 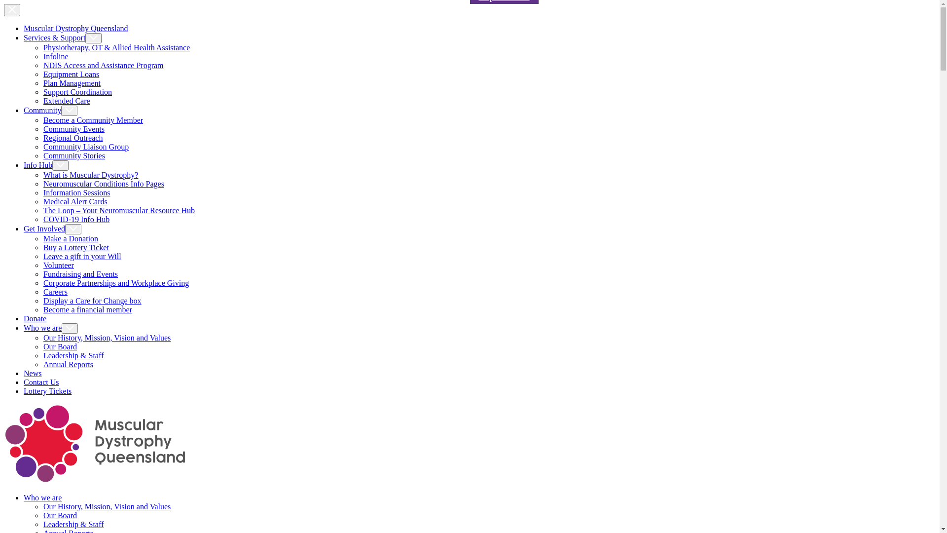 What do you see at coordinates (73, 524) in the screenshot?
I see `'Leadership & Staff'` at bounding box center [73, 524].